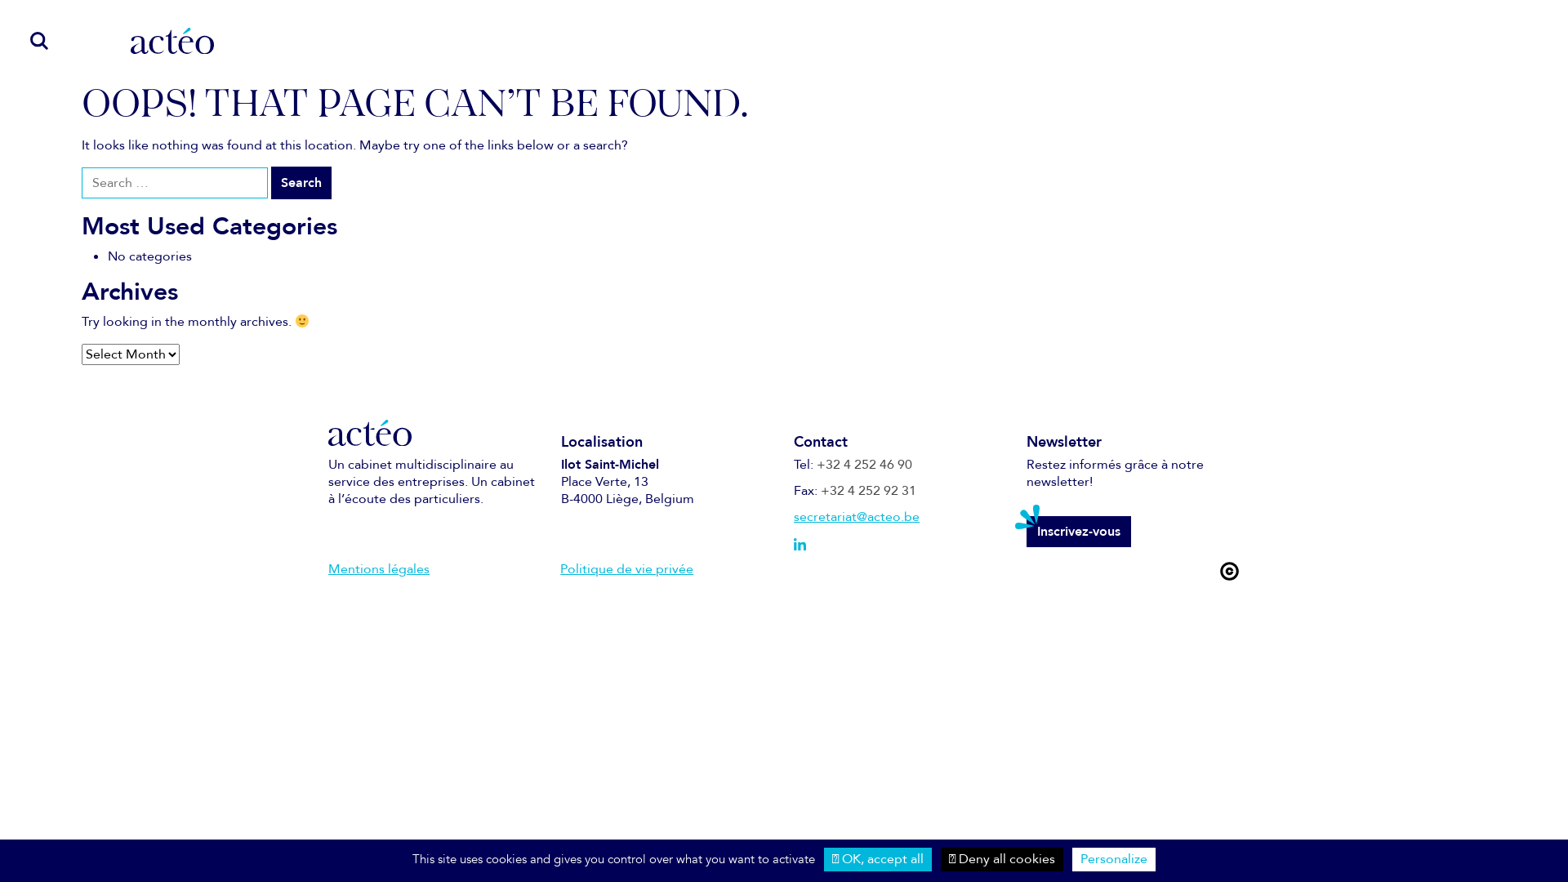  I want to click on 'Deny all cookies', so click(1001, 858).